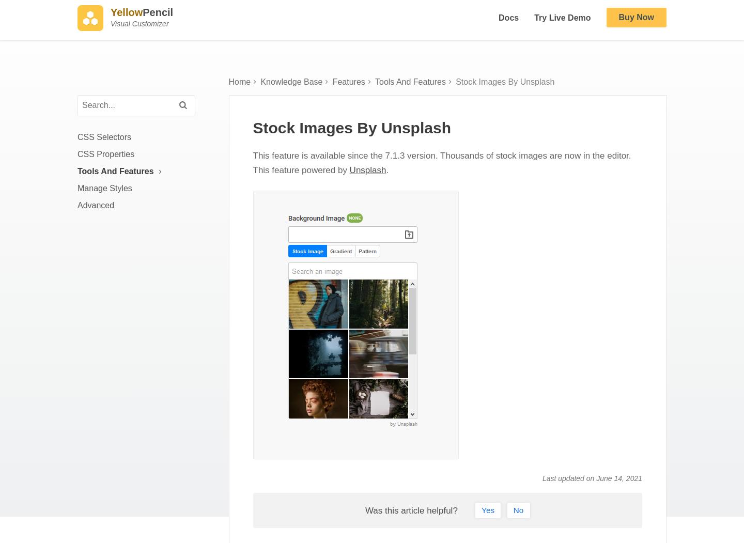  What do you see at coordinates (331, 91) in the screenshot?
I see `'Features'` at bounding box center [331, 91].